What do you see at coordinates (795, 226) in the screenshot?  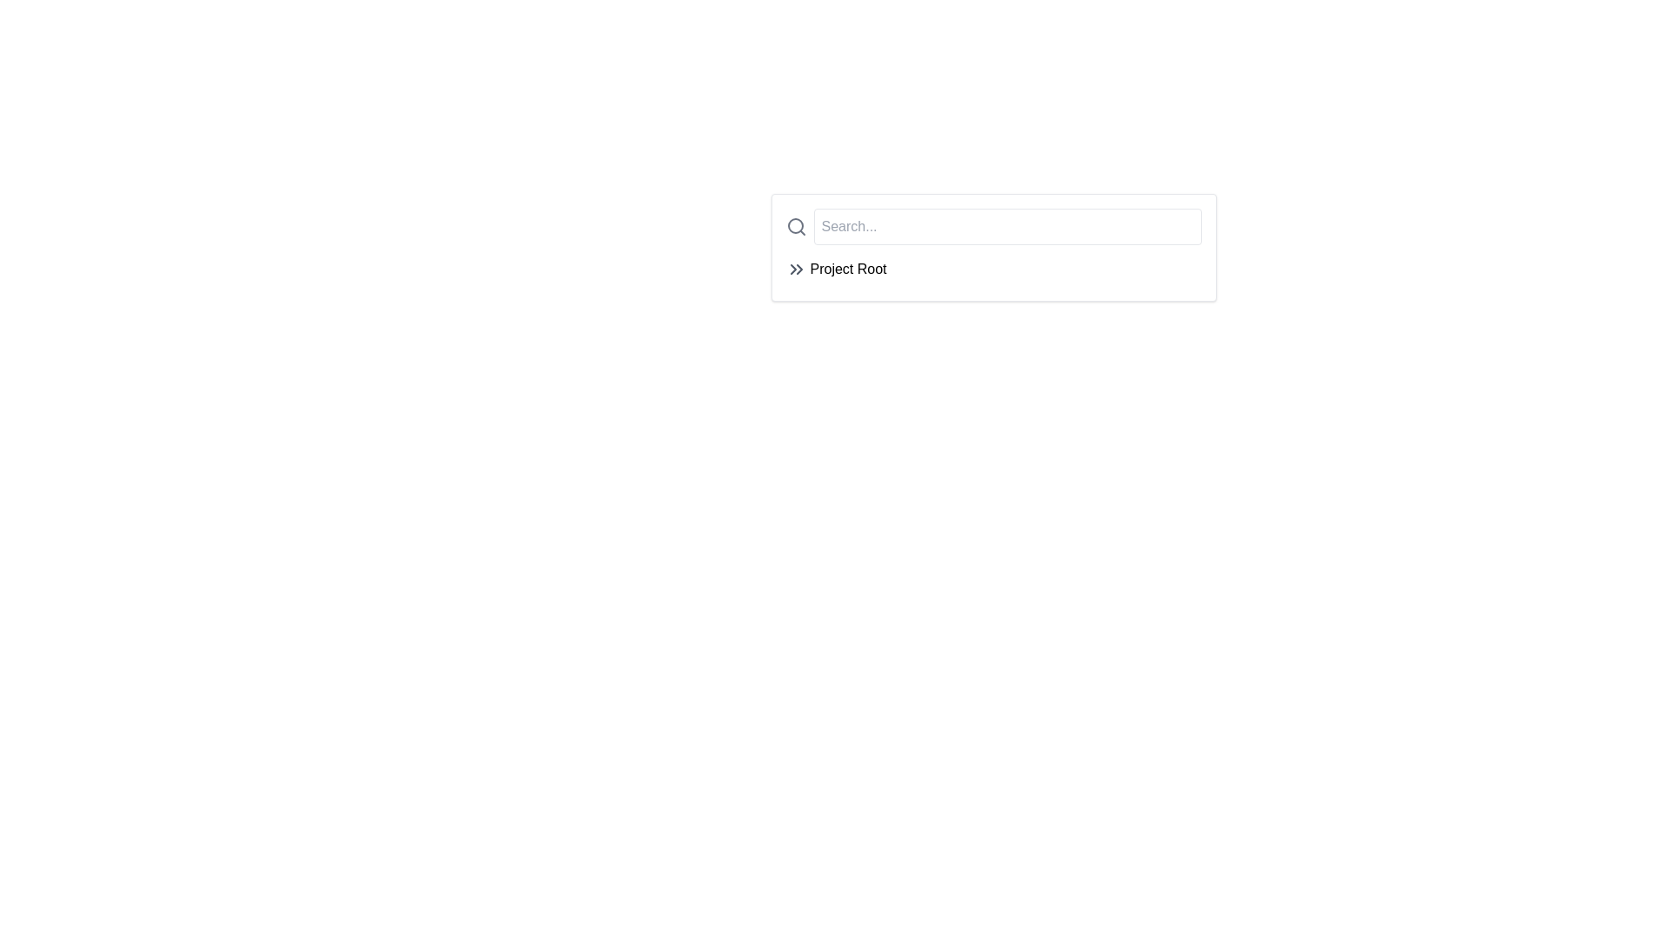 I see `the search icon located to the immediate left of the search input field, which visually represents the search functionality` at bounding box center [795, 226].